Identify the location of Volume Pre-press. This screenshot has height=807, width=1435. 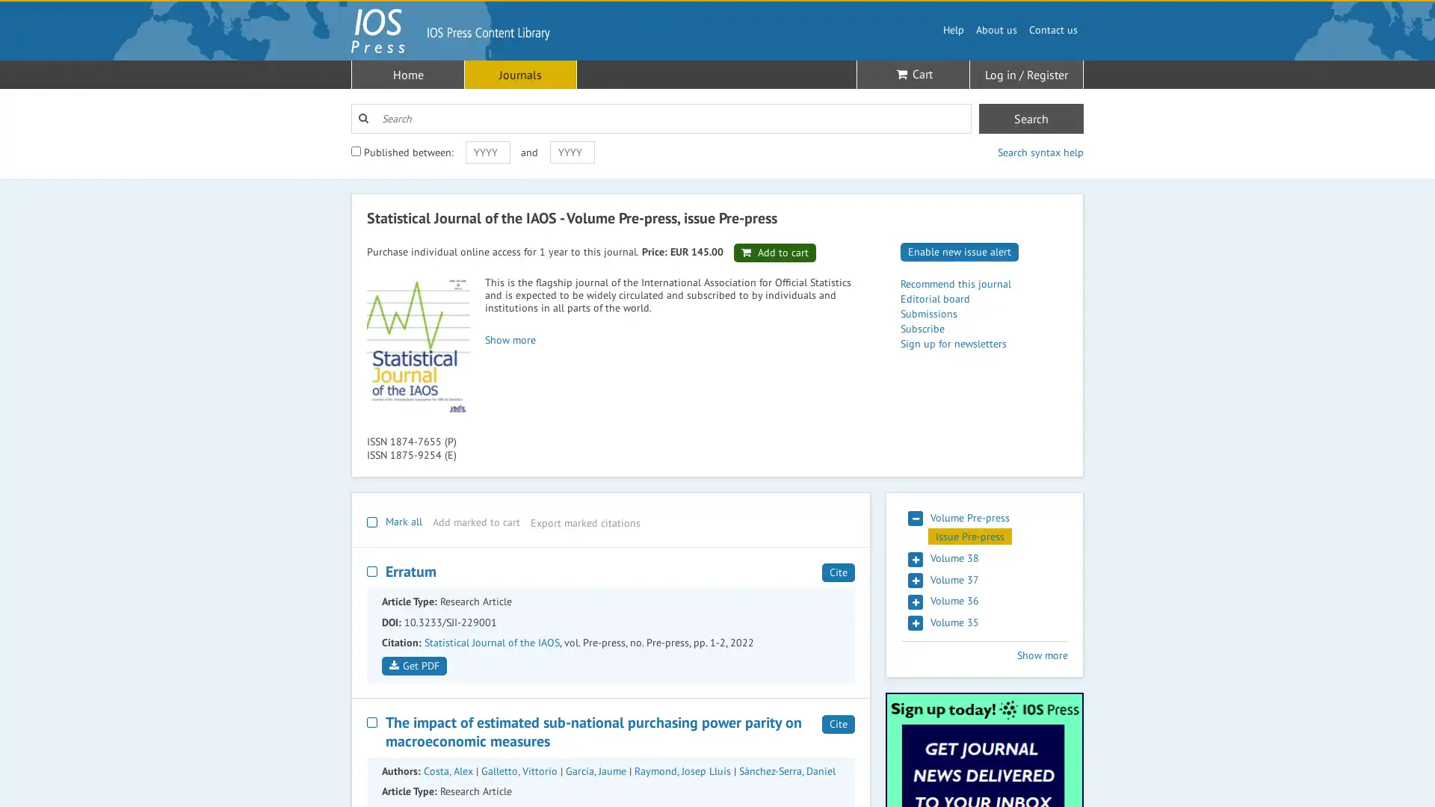
(958, 517).